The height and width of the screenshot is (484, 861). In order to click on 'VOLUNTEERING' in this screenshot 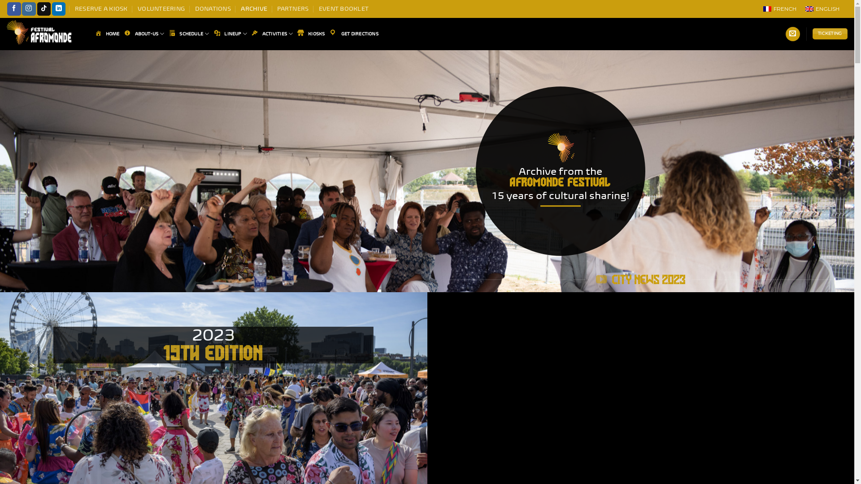, I will do `click(161, 9)`.